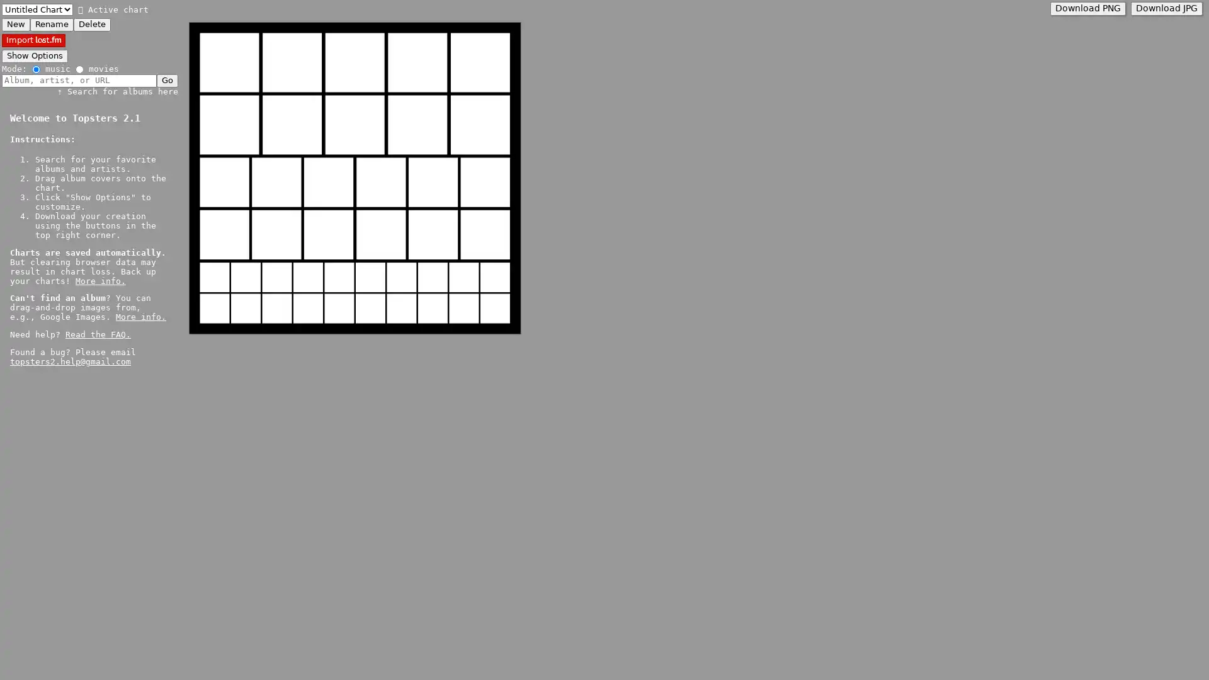 The height and width of the screenshot is (680, 1209). What do you see at coordinates (33, 39) in the screenshot?
I see `Import Import Last.fm` at bounding box center [33, 39].